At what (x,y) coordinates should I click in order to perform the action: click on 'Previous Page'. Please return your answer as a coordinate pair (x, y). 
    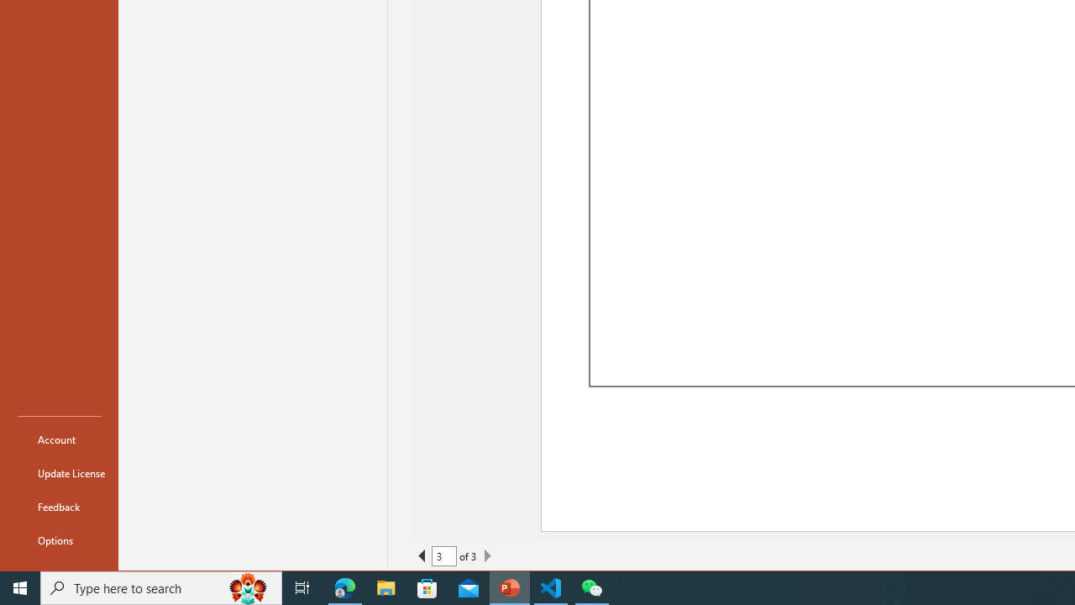
    Looking at the image, I should click on (422, 556).